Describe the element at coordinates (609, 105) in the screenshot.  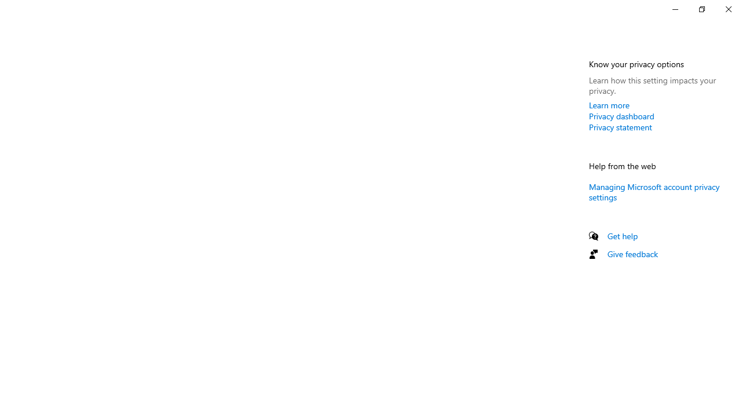
I see `'Learn more'` at that location.